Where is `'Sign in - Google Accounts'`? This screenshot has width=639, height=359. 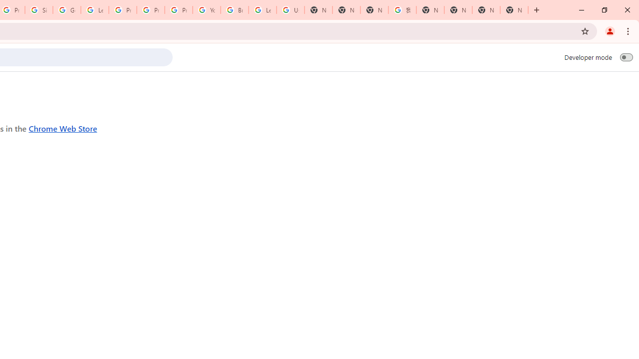 'Sign in - Google Accounts' is located at coordinates (39, 10).